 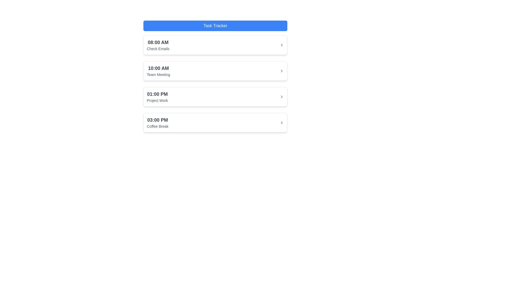 I want to click on the text label displaying 'Team Meeting', which is styled in a smaller gray font and located below '10:00 AM' in a list of scheduled tasks, so click(x=158, y=74).